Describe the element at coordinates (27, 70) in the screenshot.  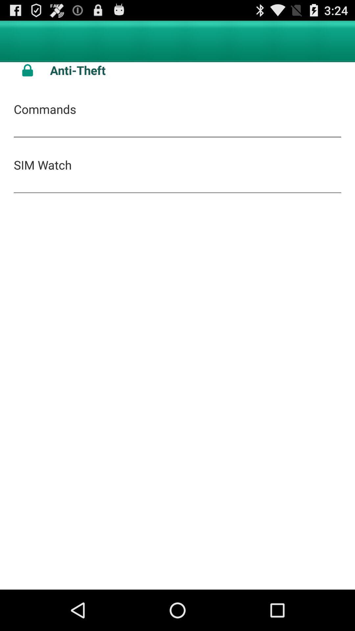
I see `icon next to the anti-theft app` at that location.